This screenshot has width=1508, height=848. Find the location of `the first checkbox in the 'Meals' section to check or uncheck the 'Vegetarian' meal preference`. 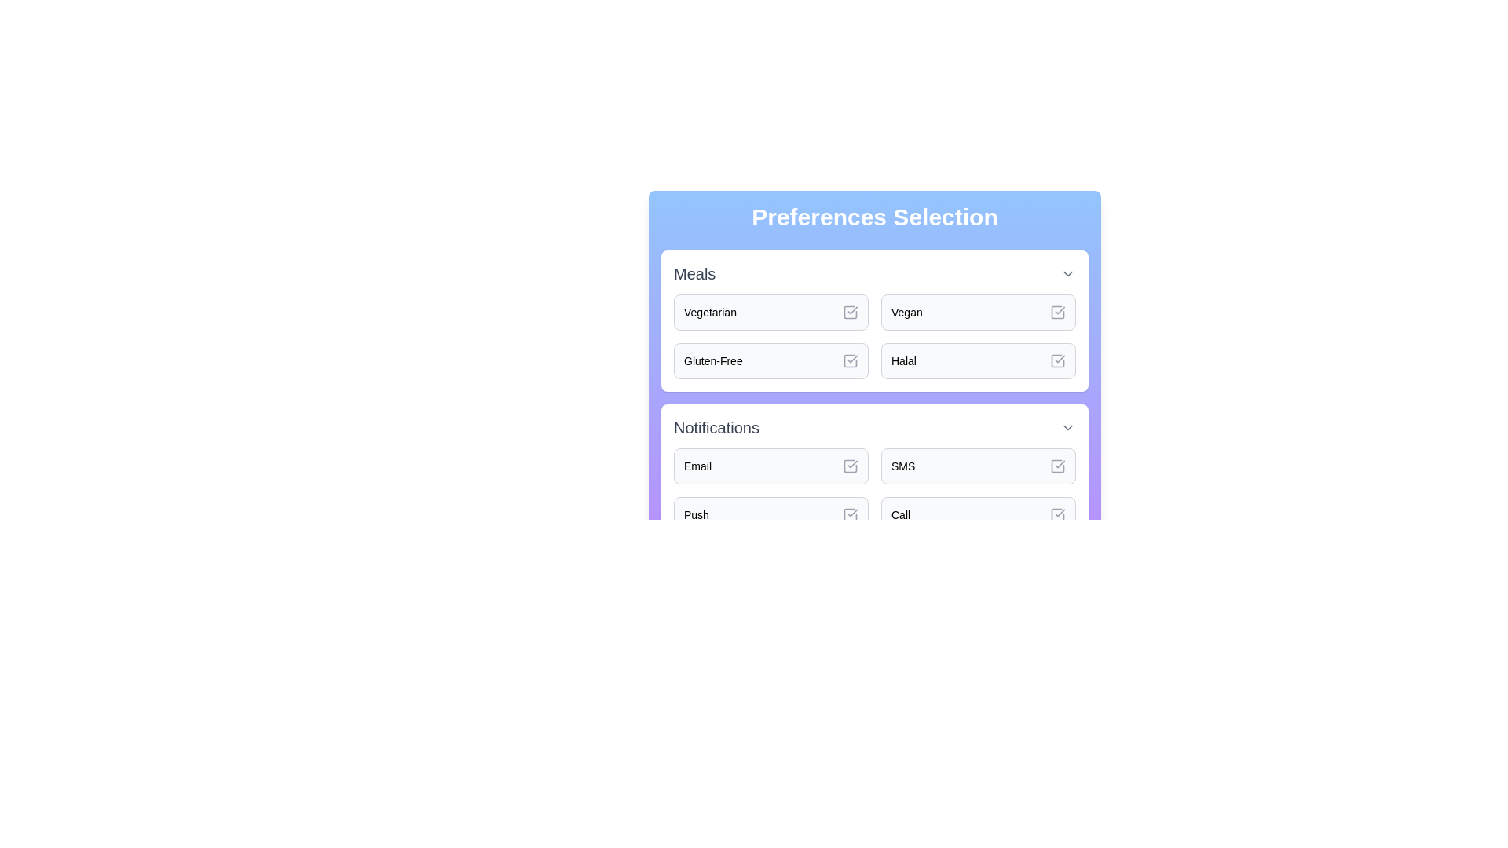

the first checkbox in the 'Meals' section to check or uncheck the 'Vegetarian' meal preference is located at coordinates (850, 312).